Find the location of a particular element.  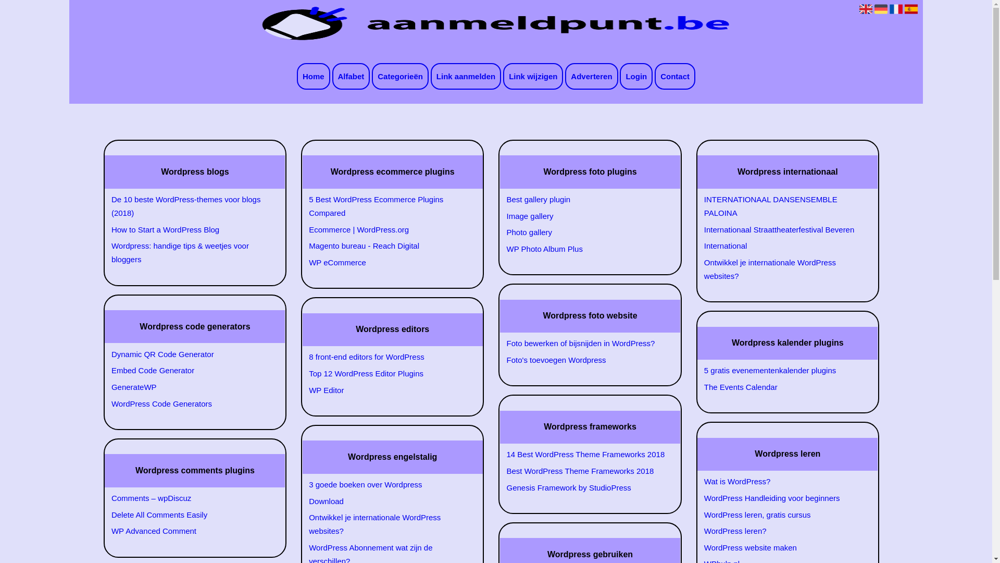

'Contact' is located at coordinates (675, 76).